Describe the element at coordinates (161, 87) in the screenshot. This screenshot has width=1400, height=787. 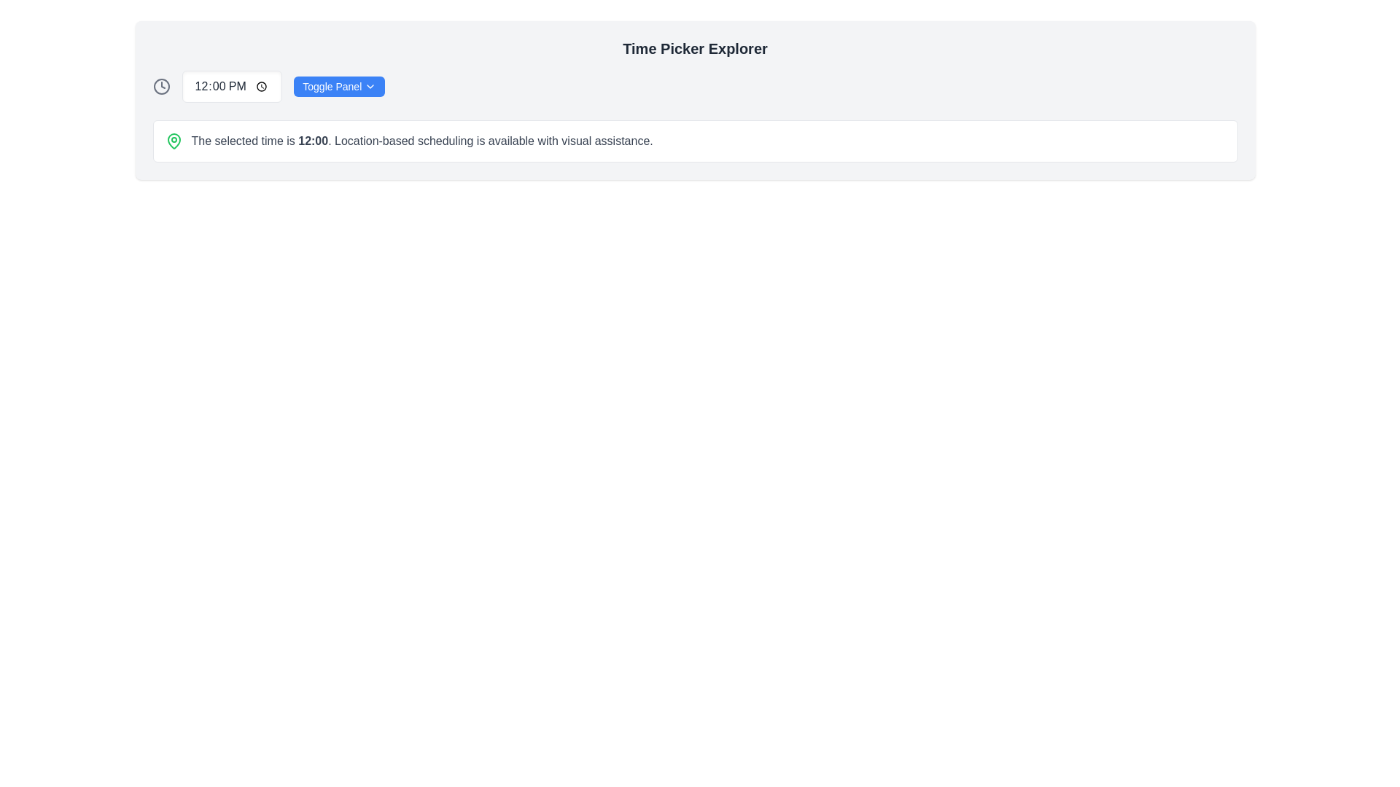
I see `the circular graphic element of the clock icon, which visually represents the clock face and is located to the left of the time display ('12:00 PM')` at that location.